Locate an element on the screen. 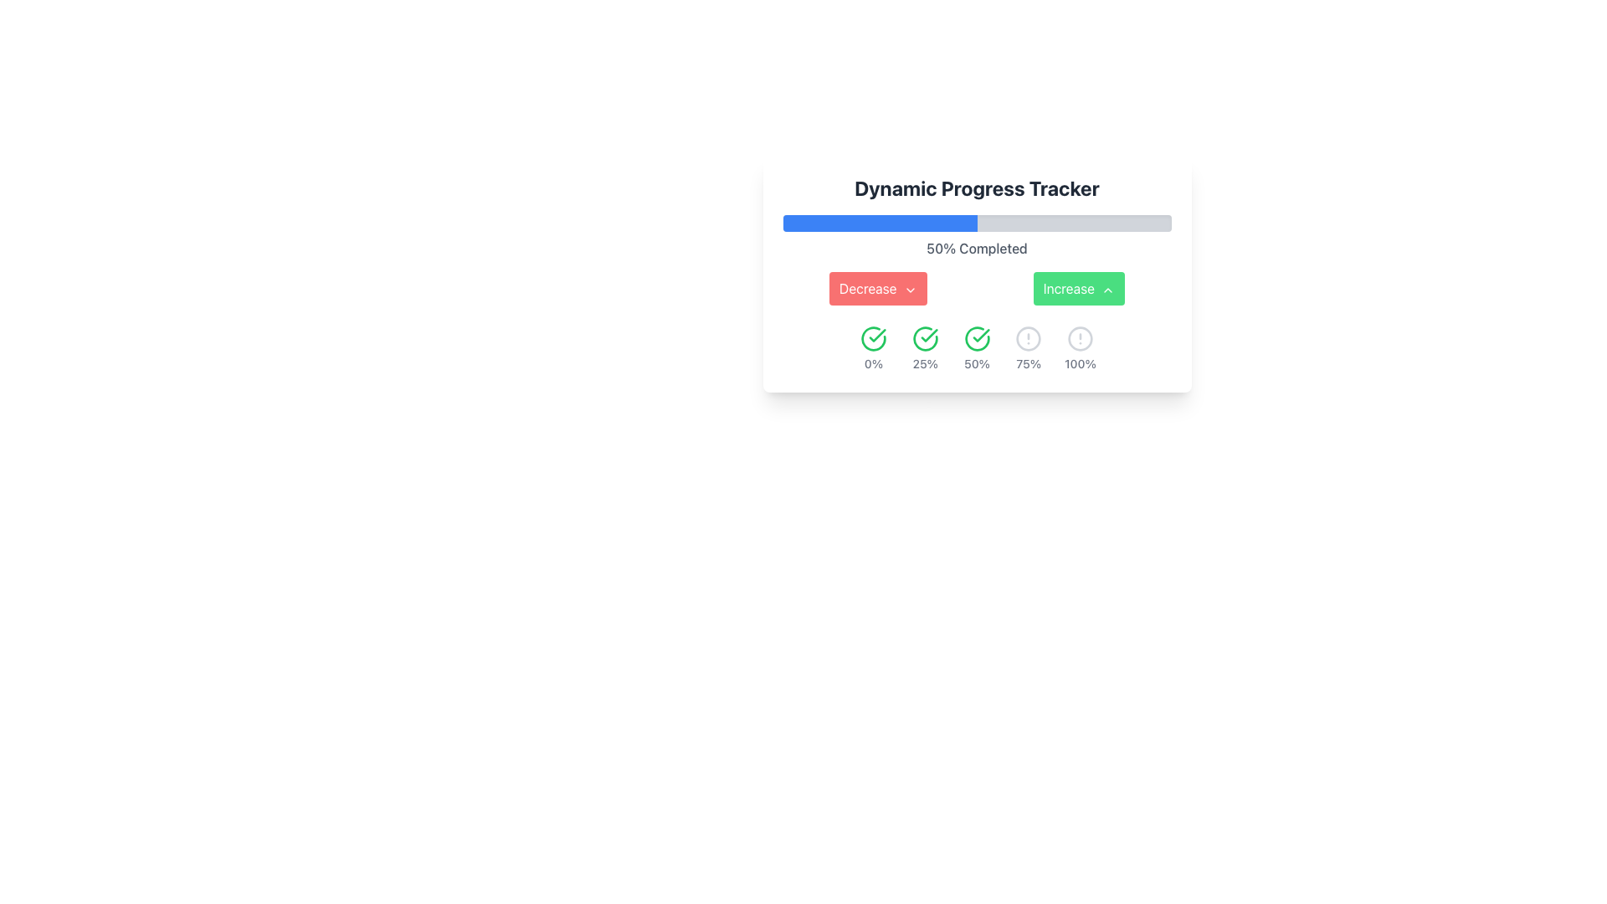 The height and width of the screenshot is (904, 1607). the second checkmark icon indicating the 25% progress level, located beneath the 'Increase' button is located at coordinates (876, 336).